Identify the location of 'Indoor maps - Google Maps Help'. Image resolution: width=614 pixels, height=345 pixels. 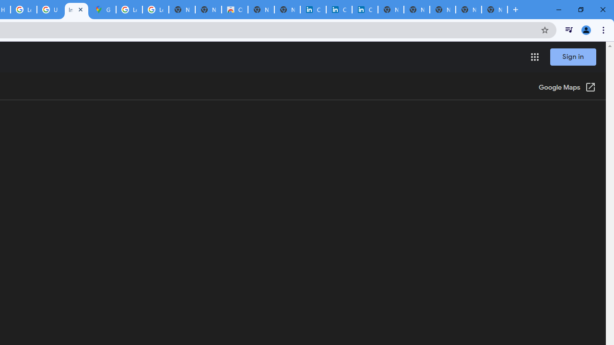
(76, 10).